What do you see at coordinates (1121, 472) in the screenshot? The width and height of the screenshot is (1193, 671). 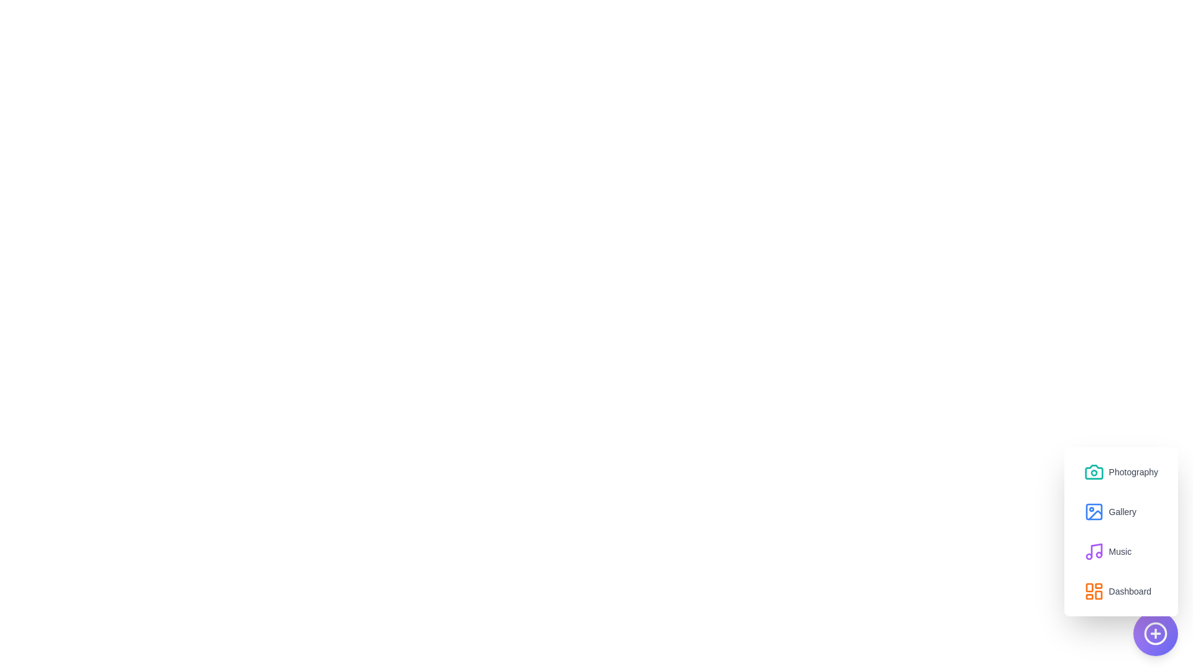 I see `the 'Photography' button in the menu` at bounding box center [1121, 472].